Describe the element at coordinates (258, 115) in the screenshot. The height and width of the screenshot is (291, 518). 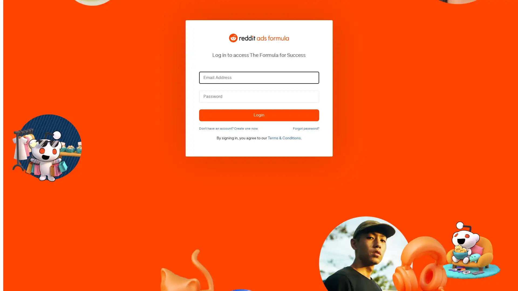
I see `Login` at that location.